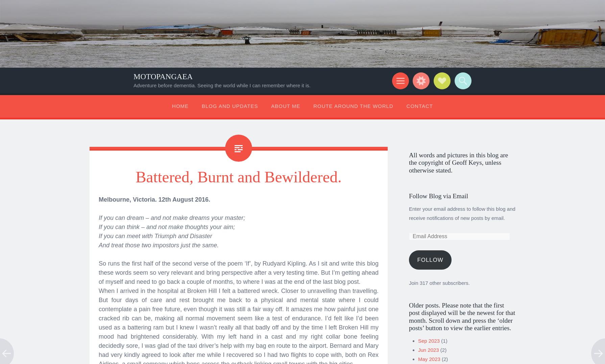  What do you see at coordinates (158, 243) in the screenshot?
I see `'And treat those two impostors just the same.'` at bounding box center [158, 243].